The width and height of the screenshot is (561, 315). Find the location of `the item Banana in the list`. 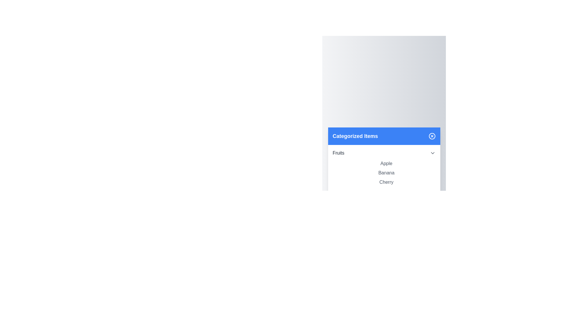

the item Banana in the list is located at coordinates (386, 172).